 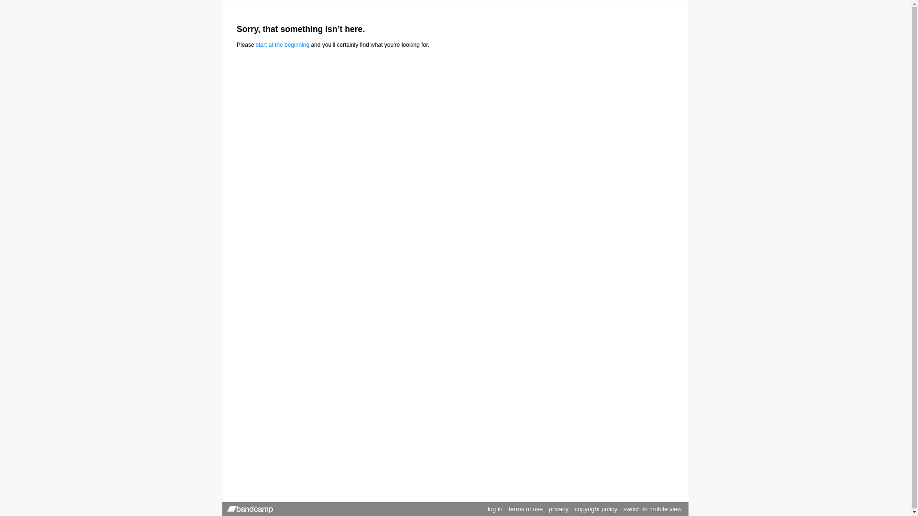 I want to click on 'log in', so click(x=495, y=508).